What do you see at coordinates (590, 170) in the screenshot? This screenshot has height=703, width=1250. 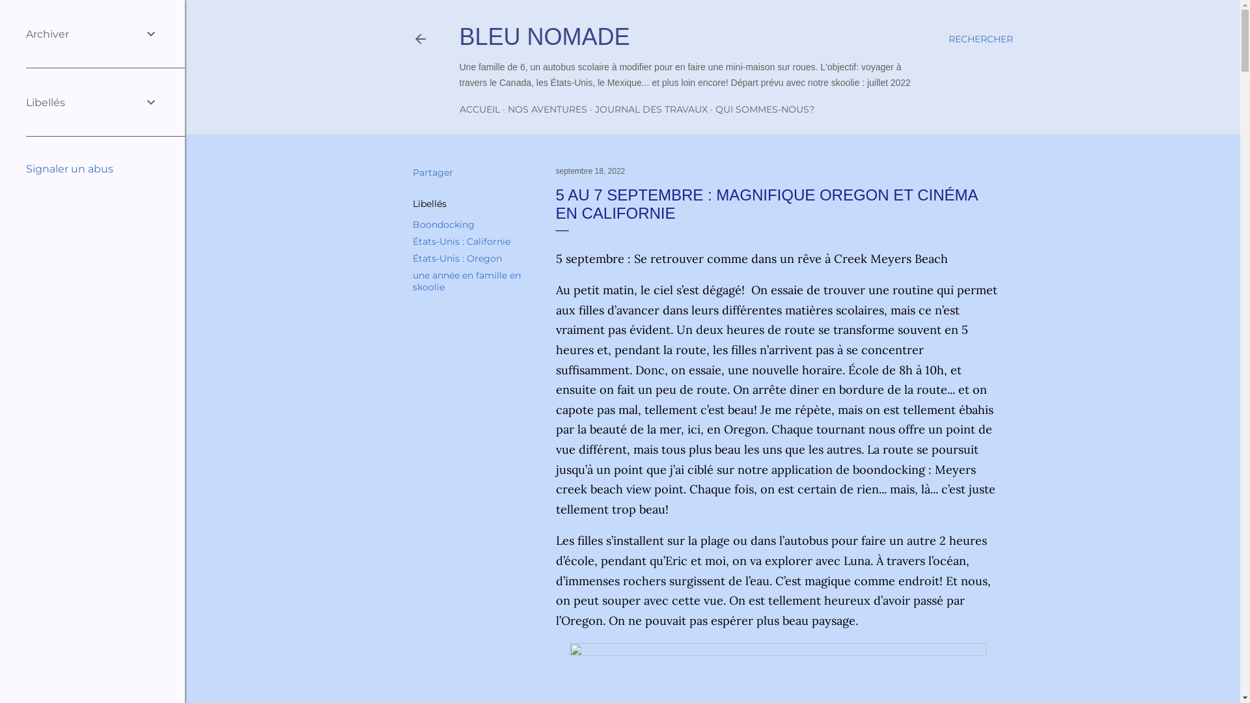 I see `'septembre 18, 2022'` at bounding box center [590, 170].